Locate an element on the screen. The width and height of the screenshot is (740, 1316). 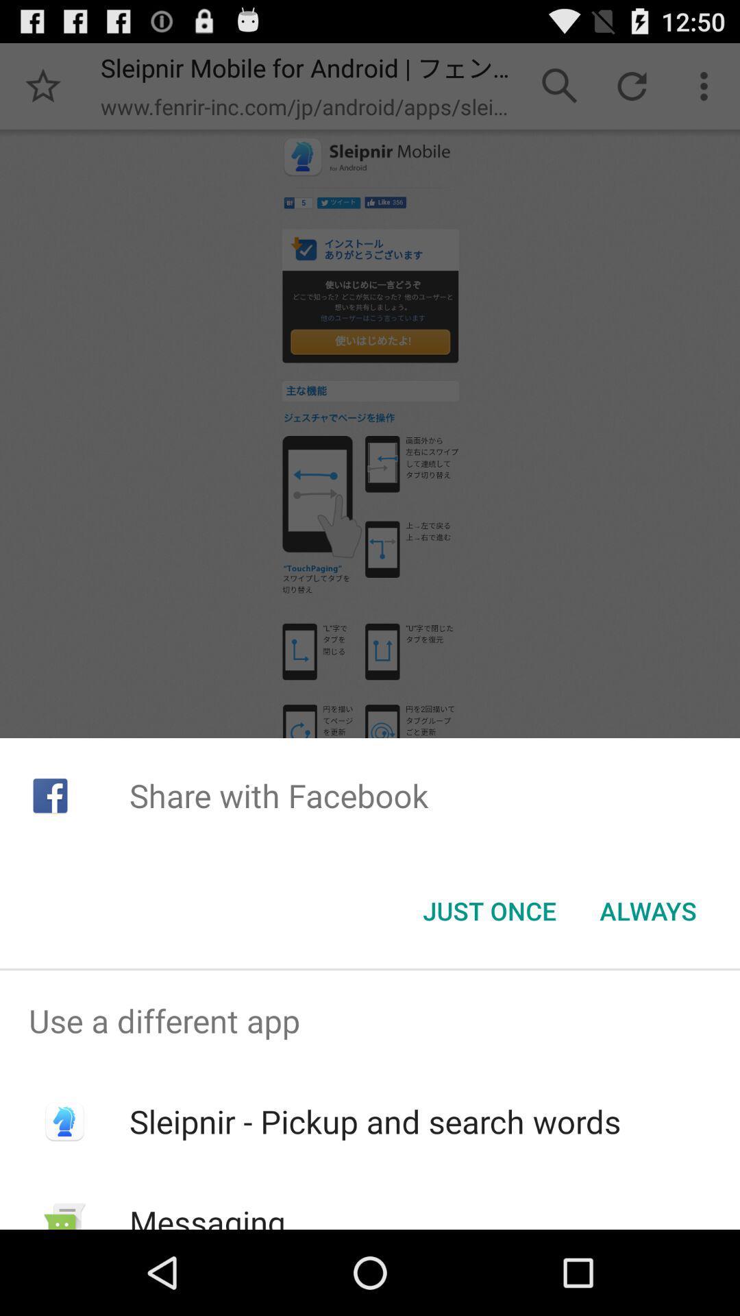
icon below share with facebook item is located at coordinates (489, 911).